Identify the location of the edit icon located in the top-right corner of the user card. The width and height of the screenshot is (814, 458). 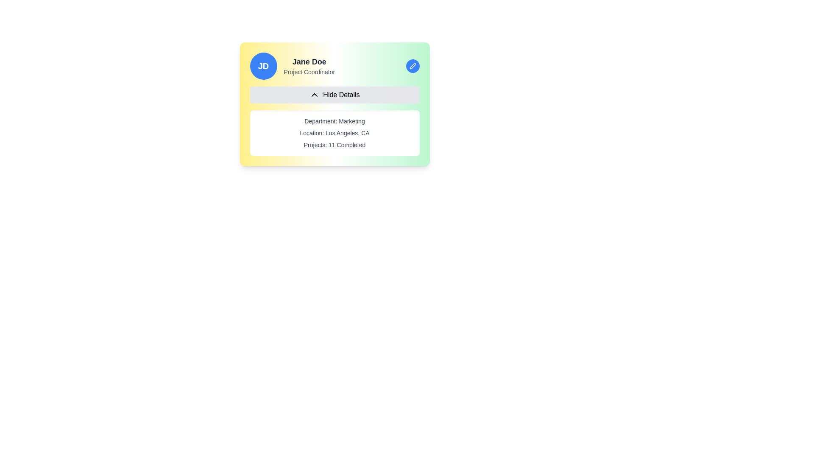
(413, 65).